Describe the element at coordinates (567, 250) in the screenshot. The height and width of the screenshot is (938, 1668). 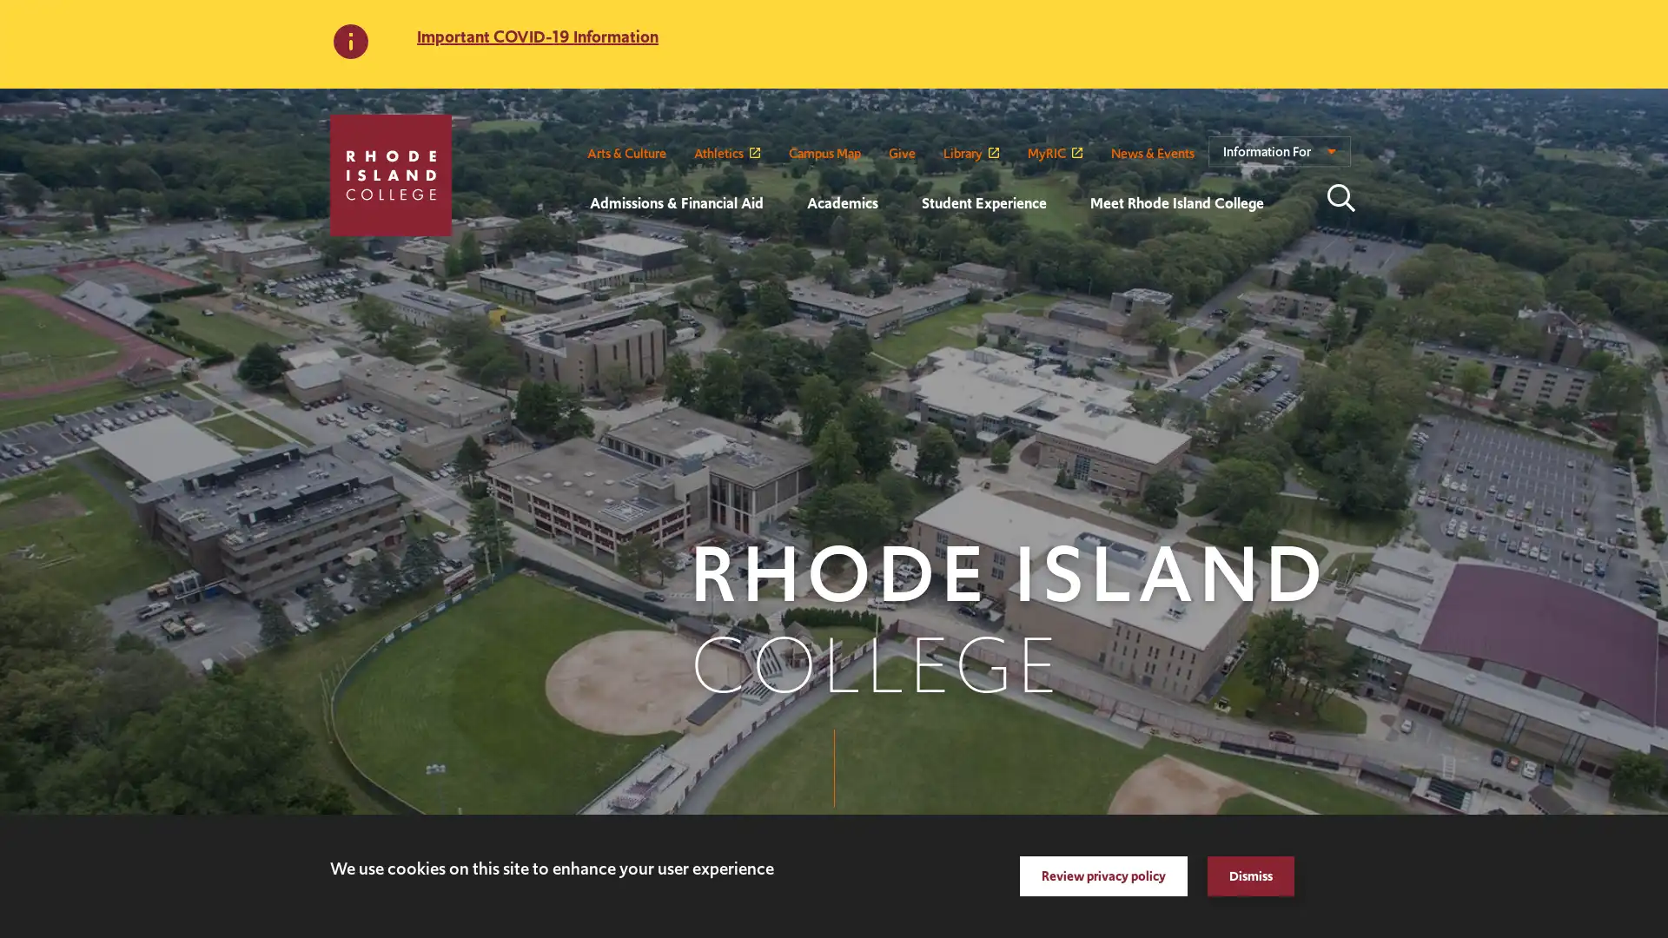
I see `Admissions & Financial Aid` at that location.